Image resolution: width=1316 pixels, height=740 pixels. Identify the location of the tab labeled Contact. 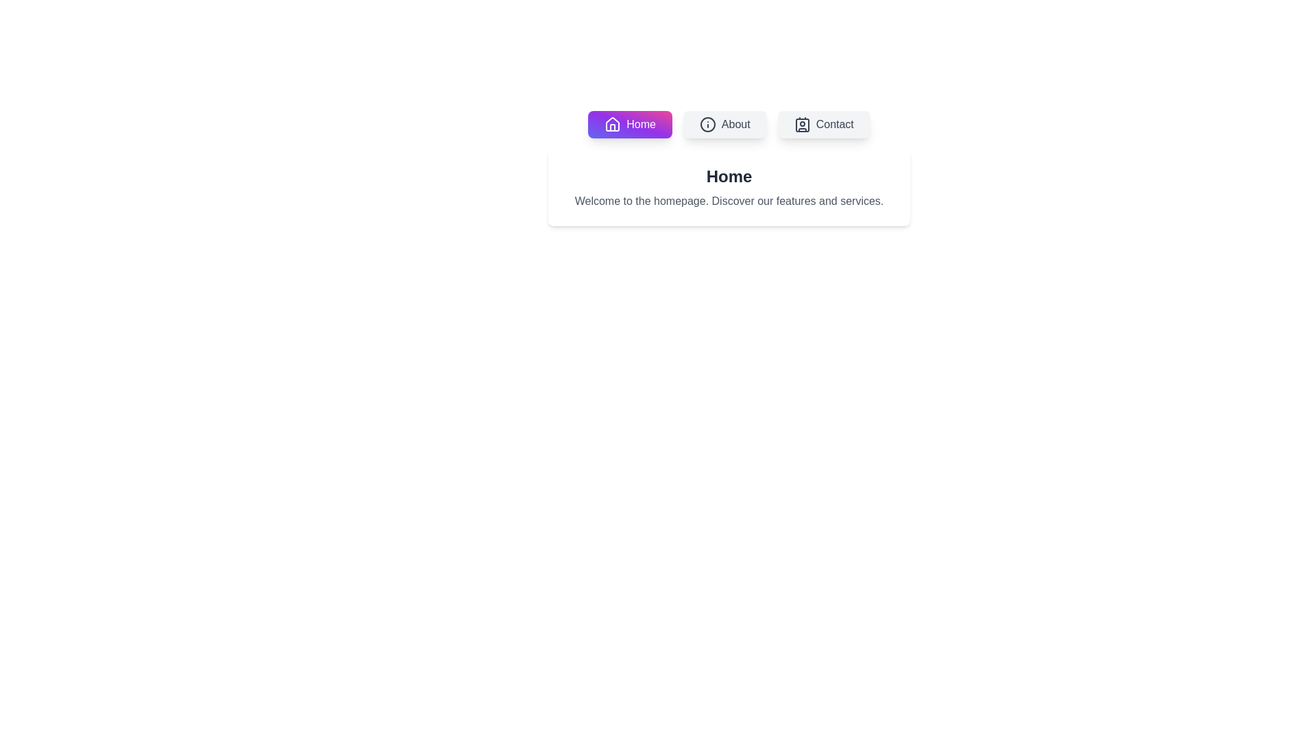
(823, 124).